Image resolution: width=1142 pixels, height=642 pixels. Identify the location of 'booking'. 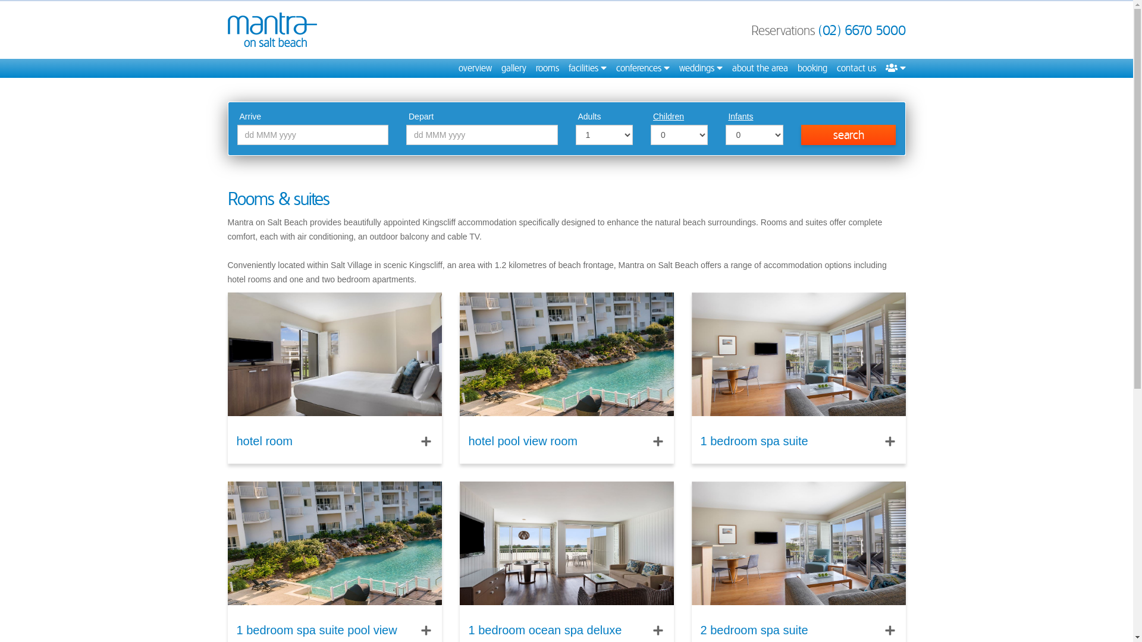
(811, 68).